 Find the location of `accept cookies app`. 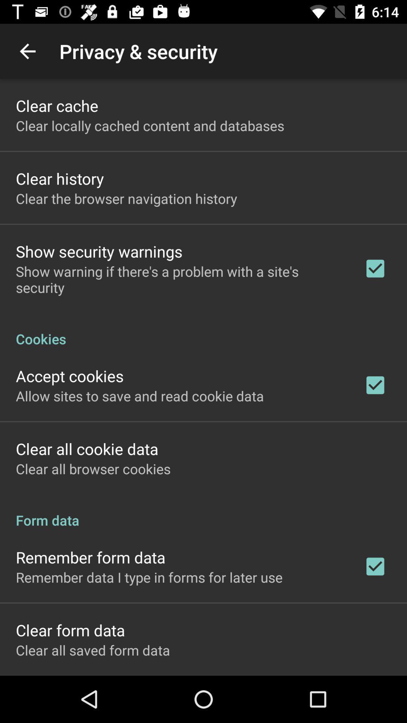

accept cookies app is located at coordinates (70, 376).